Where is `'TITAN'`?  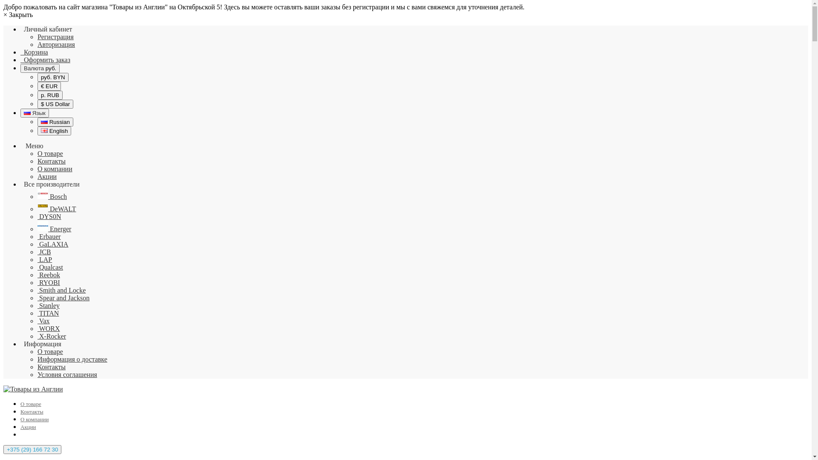 'TITAN' is located at coordinates (48, 313).